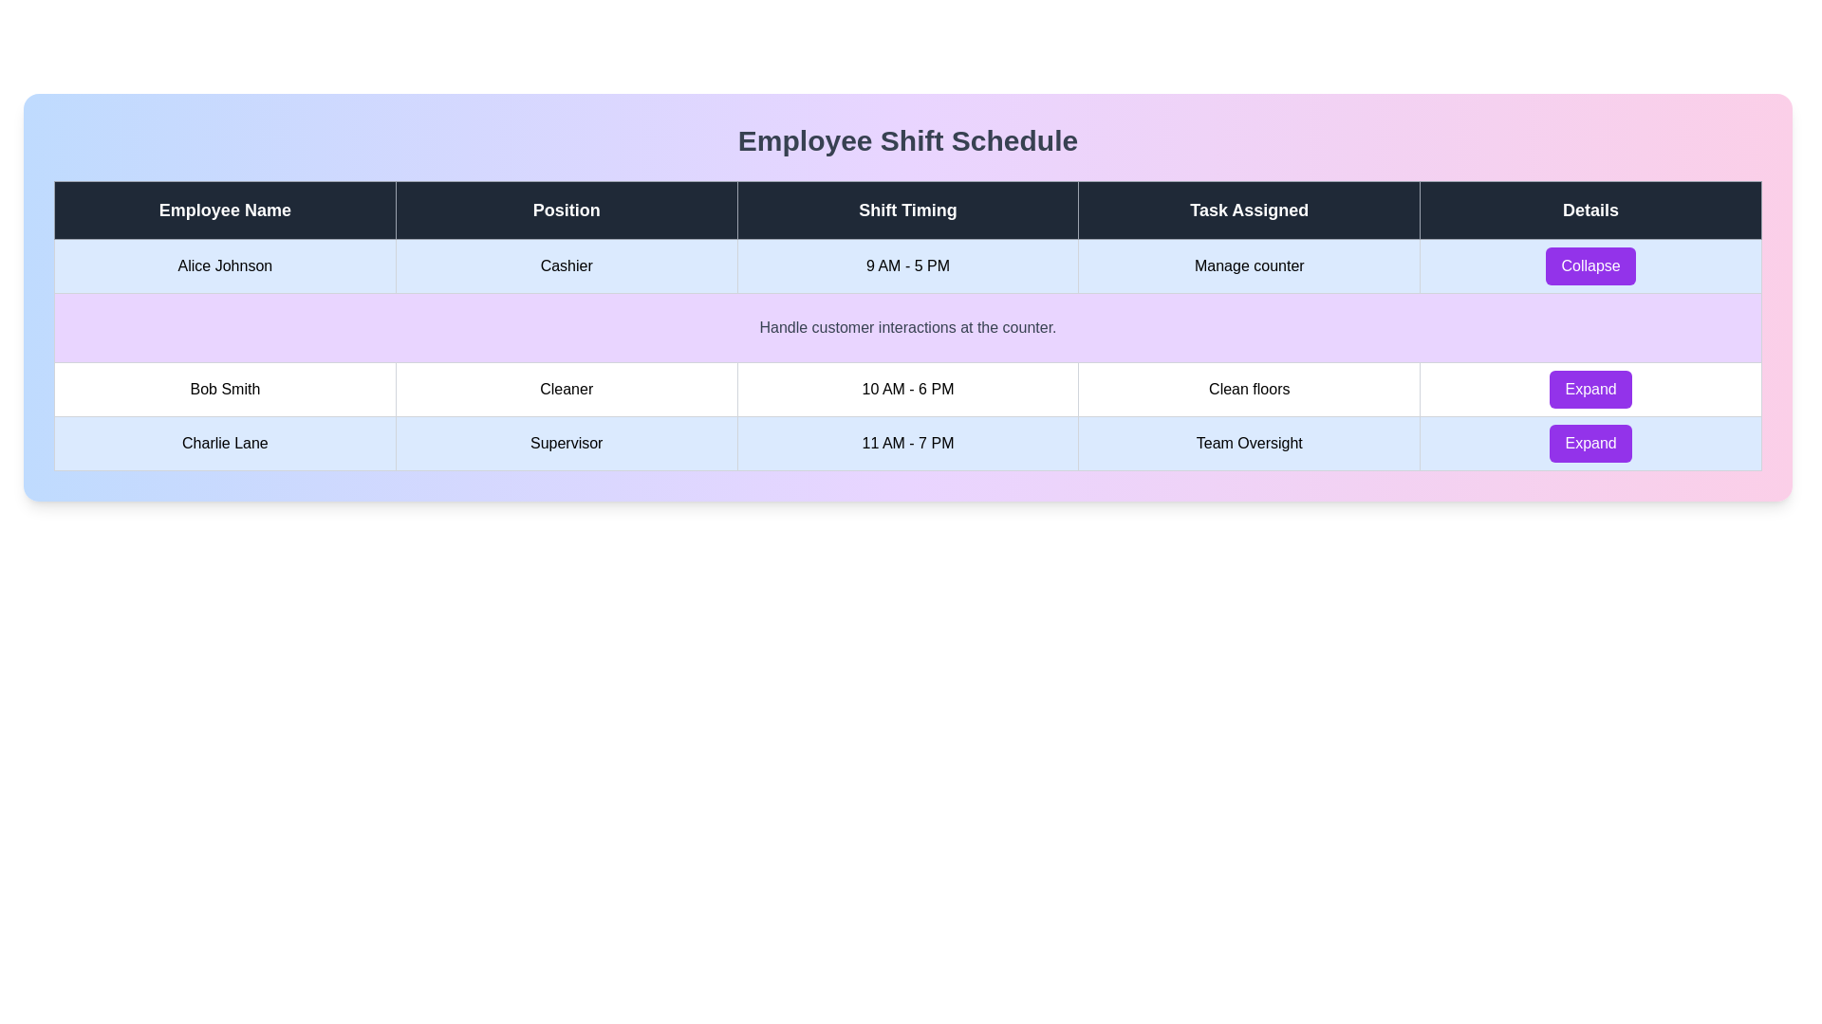 Image resolution: width=1822 pixels, height=1024 pixels. Describe the element at coordinates (1249, 389) in the screenshot. I see `the text label that provides information about the task assigned to an individual, located in the fourth column of the second row under 'Task Assigned', adjacent to '10 AM - 6 PM' and 'Expand'` at that location.